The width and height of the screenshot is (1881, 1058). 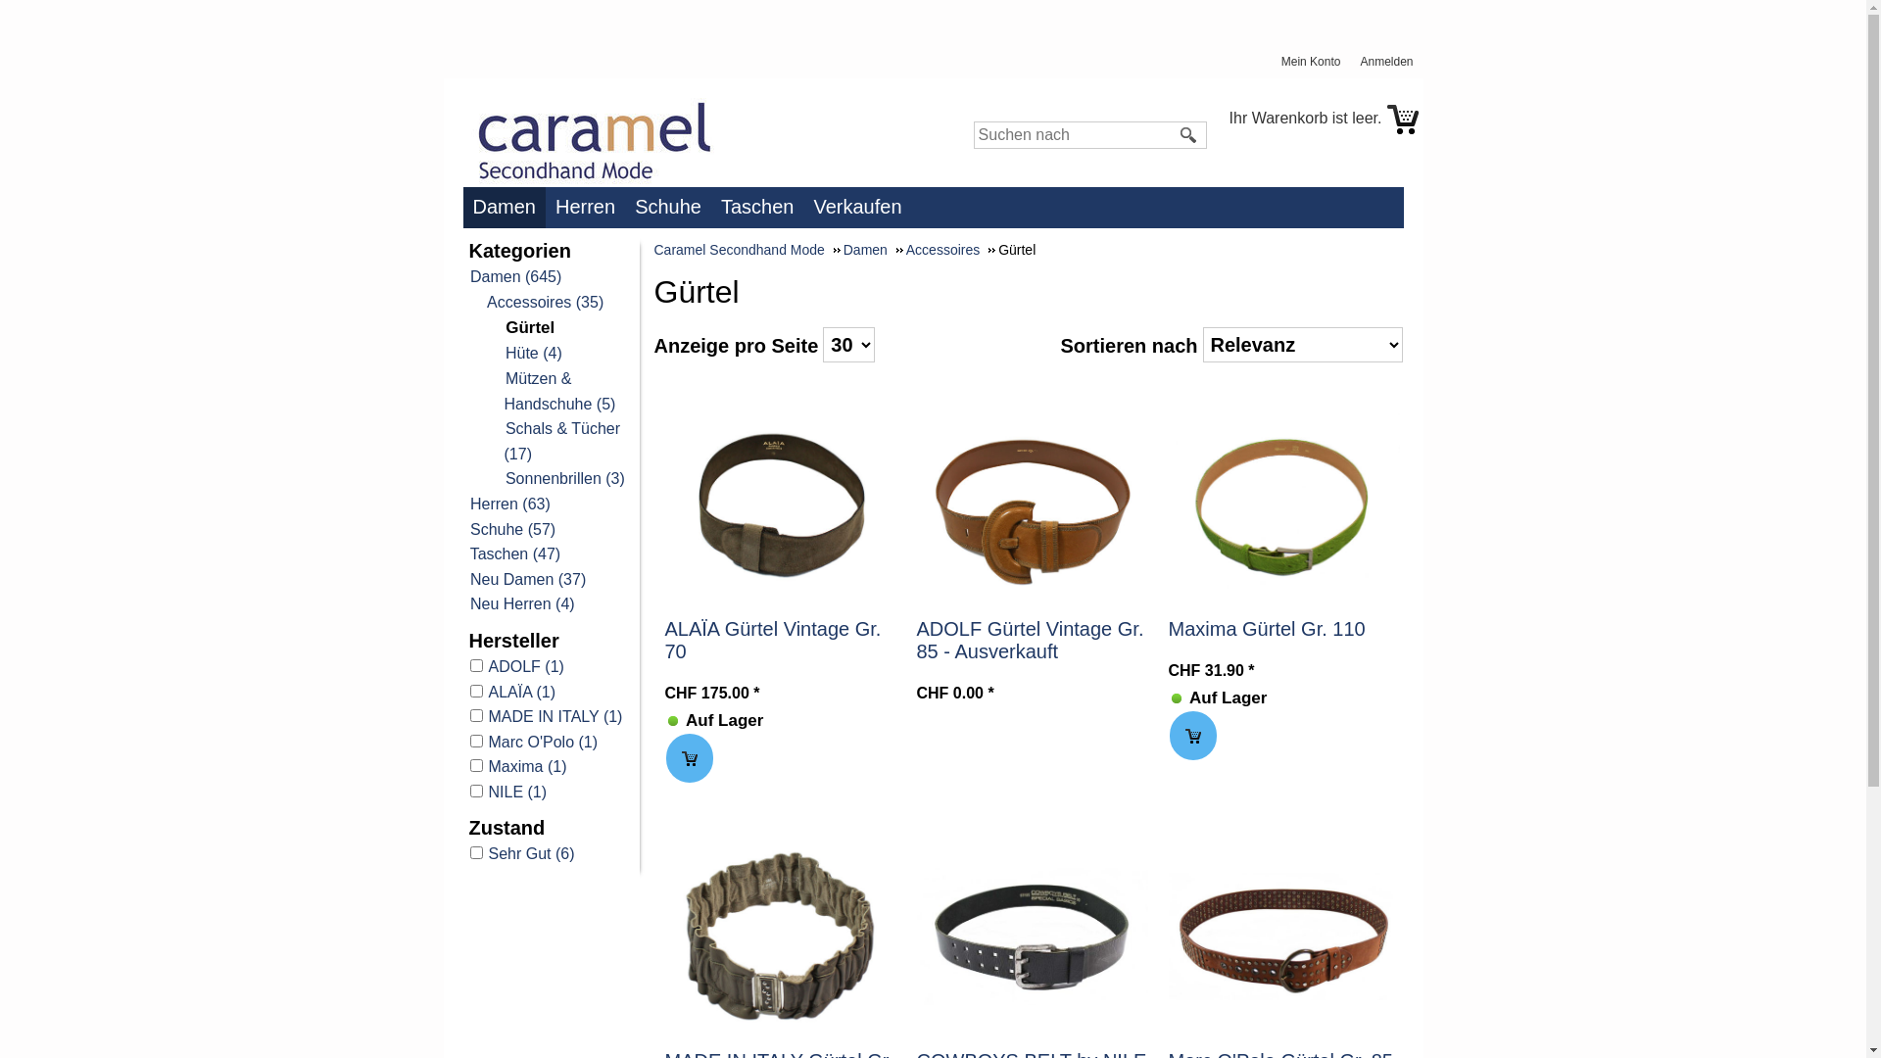 I want to click on 'Mein Konto', so click(x=1281, y=61).